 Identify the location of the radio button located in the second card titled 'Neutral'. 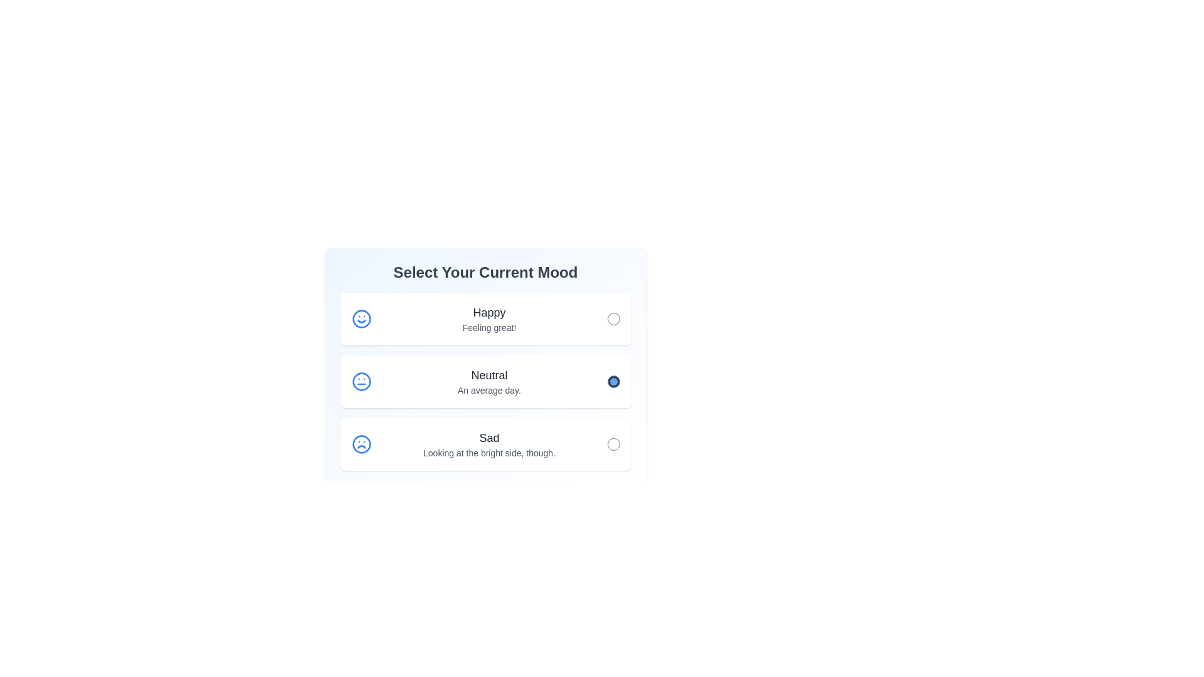
(613, 381).